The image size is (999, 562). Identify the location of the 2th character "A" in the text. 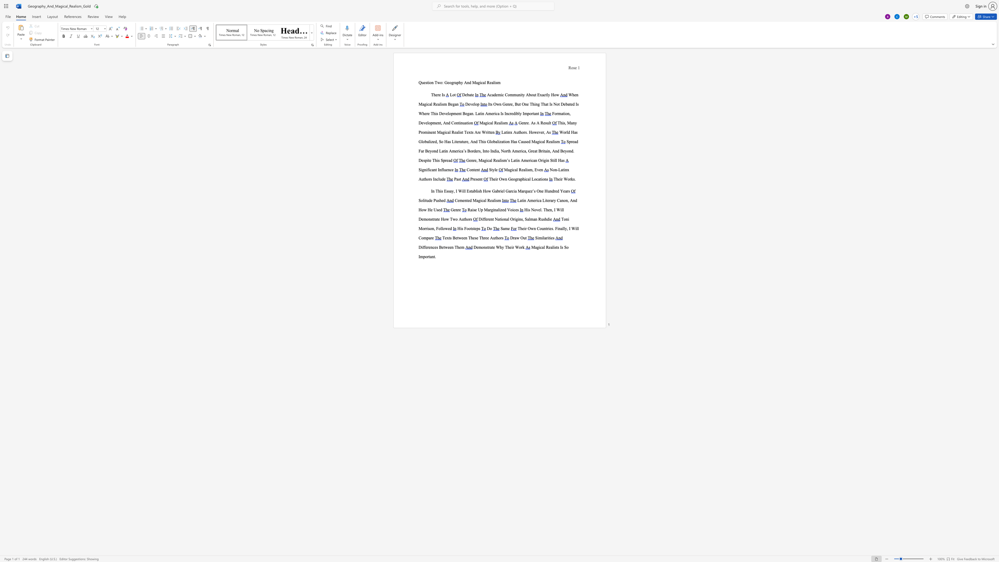
(548, 132).